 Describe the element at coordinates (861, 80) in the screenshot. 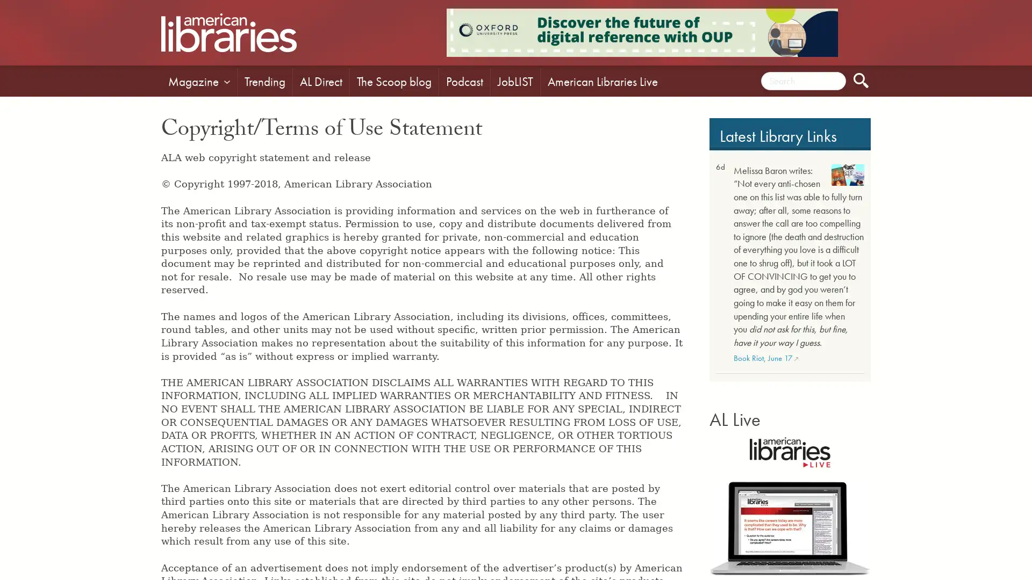

I see `Search` at that location.